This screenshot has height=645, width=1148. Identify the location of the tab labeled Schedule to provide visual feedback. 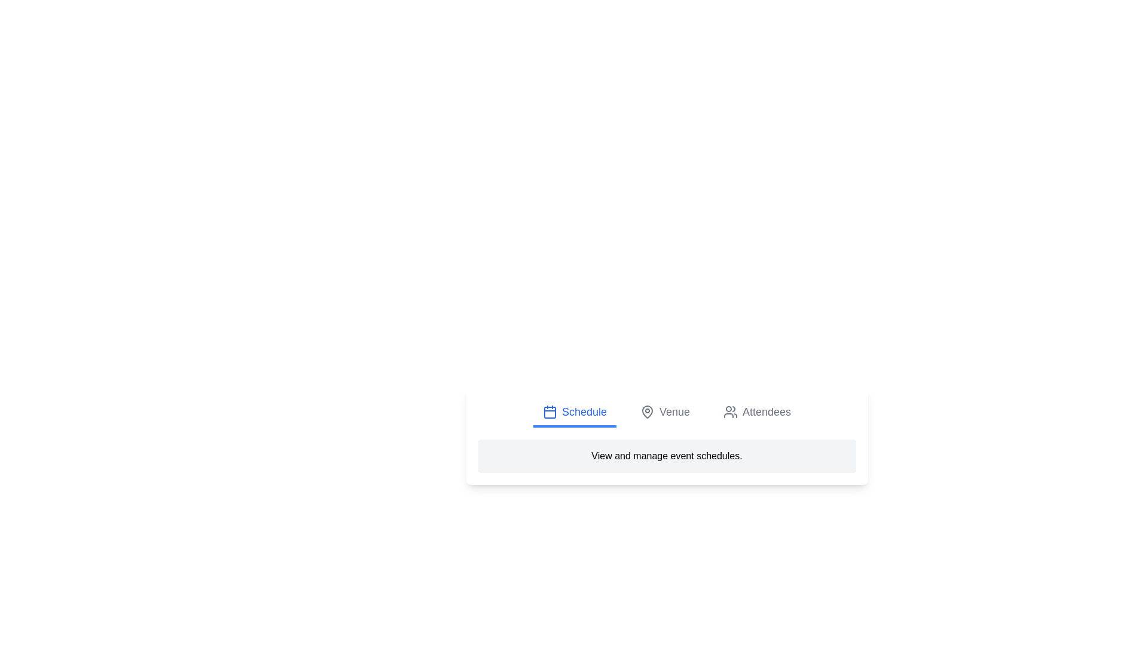
(575, 412).